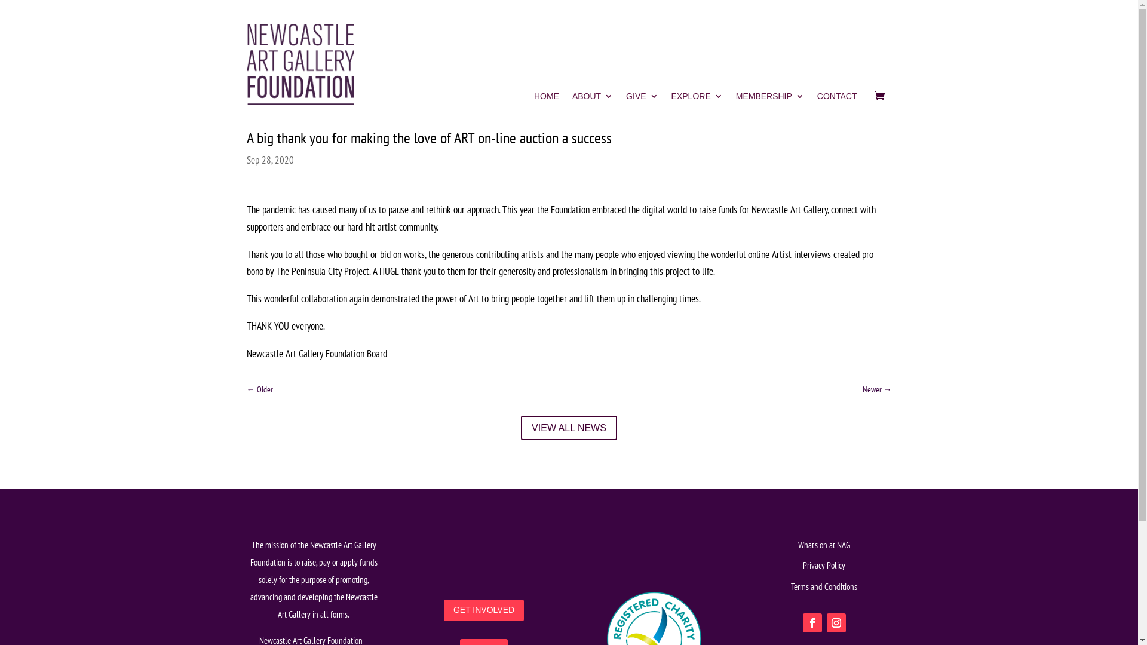 Image resolution: width=1147 pixels, height=645 pixels. Describe the element at coordinates (546, 98) in the screenshot. I see `'HOME'` at that location.